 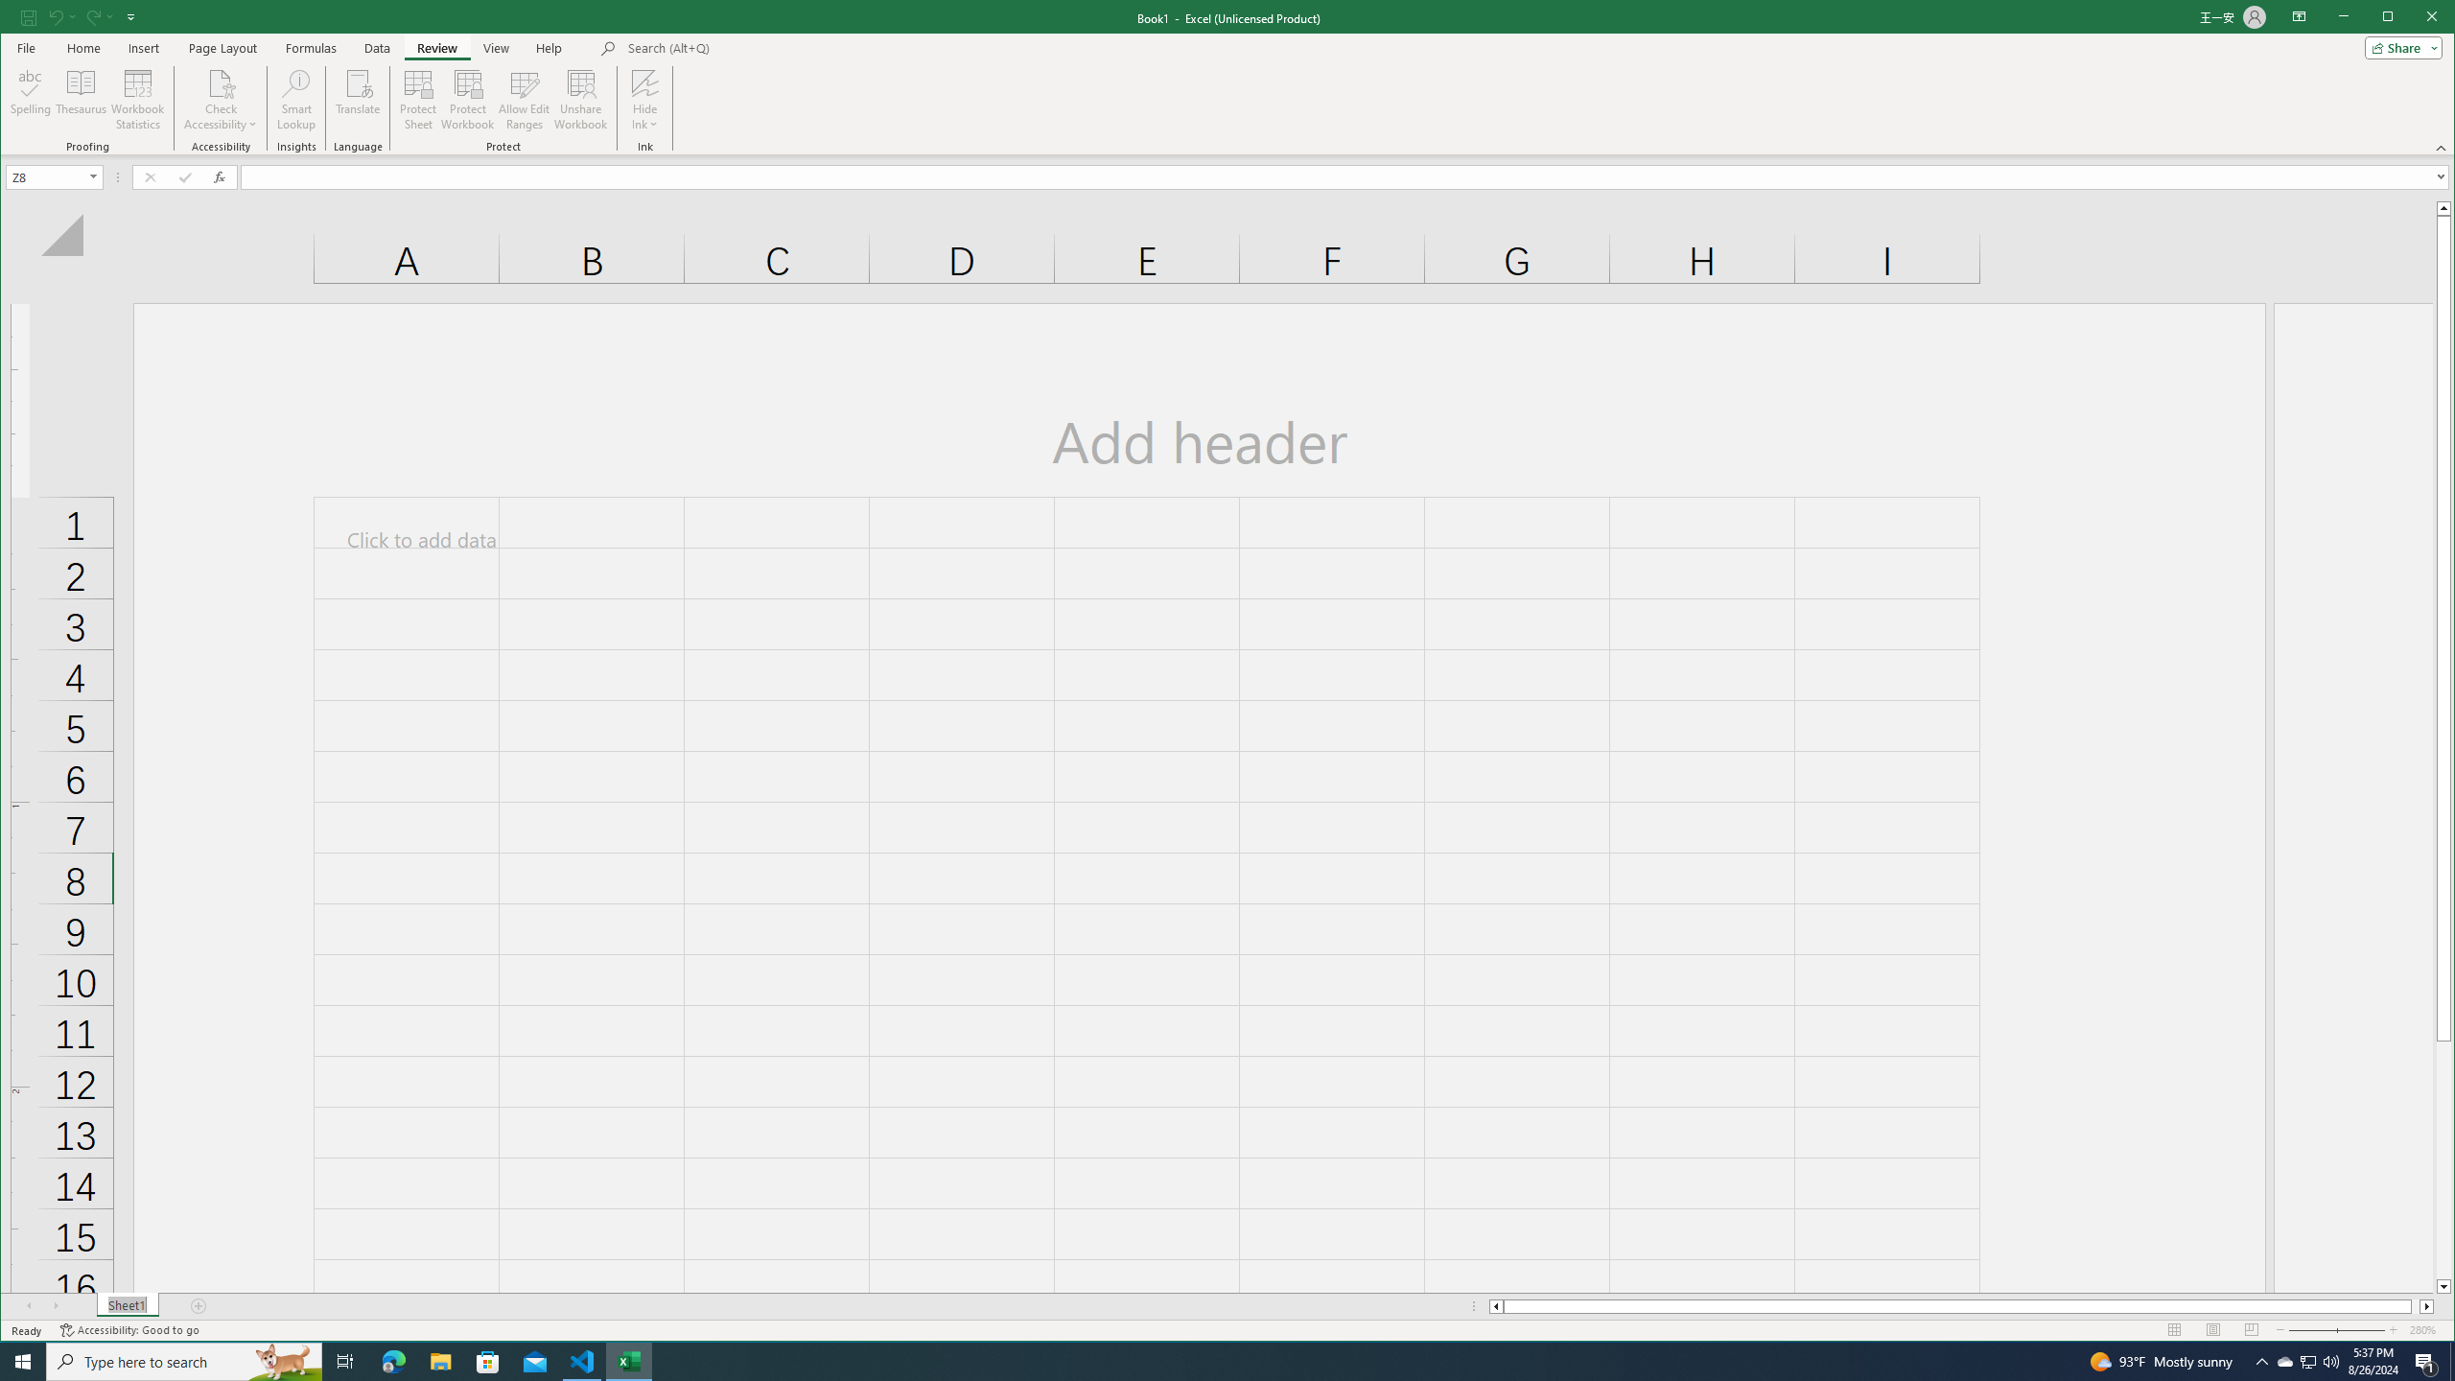 What do you see at coordinates (524, 99) in the screenshot?
I see `'Allow Edit Ranges'` at bounding box center [524, 99].